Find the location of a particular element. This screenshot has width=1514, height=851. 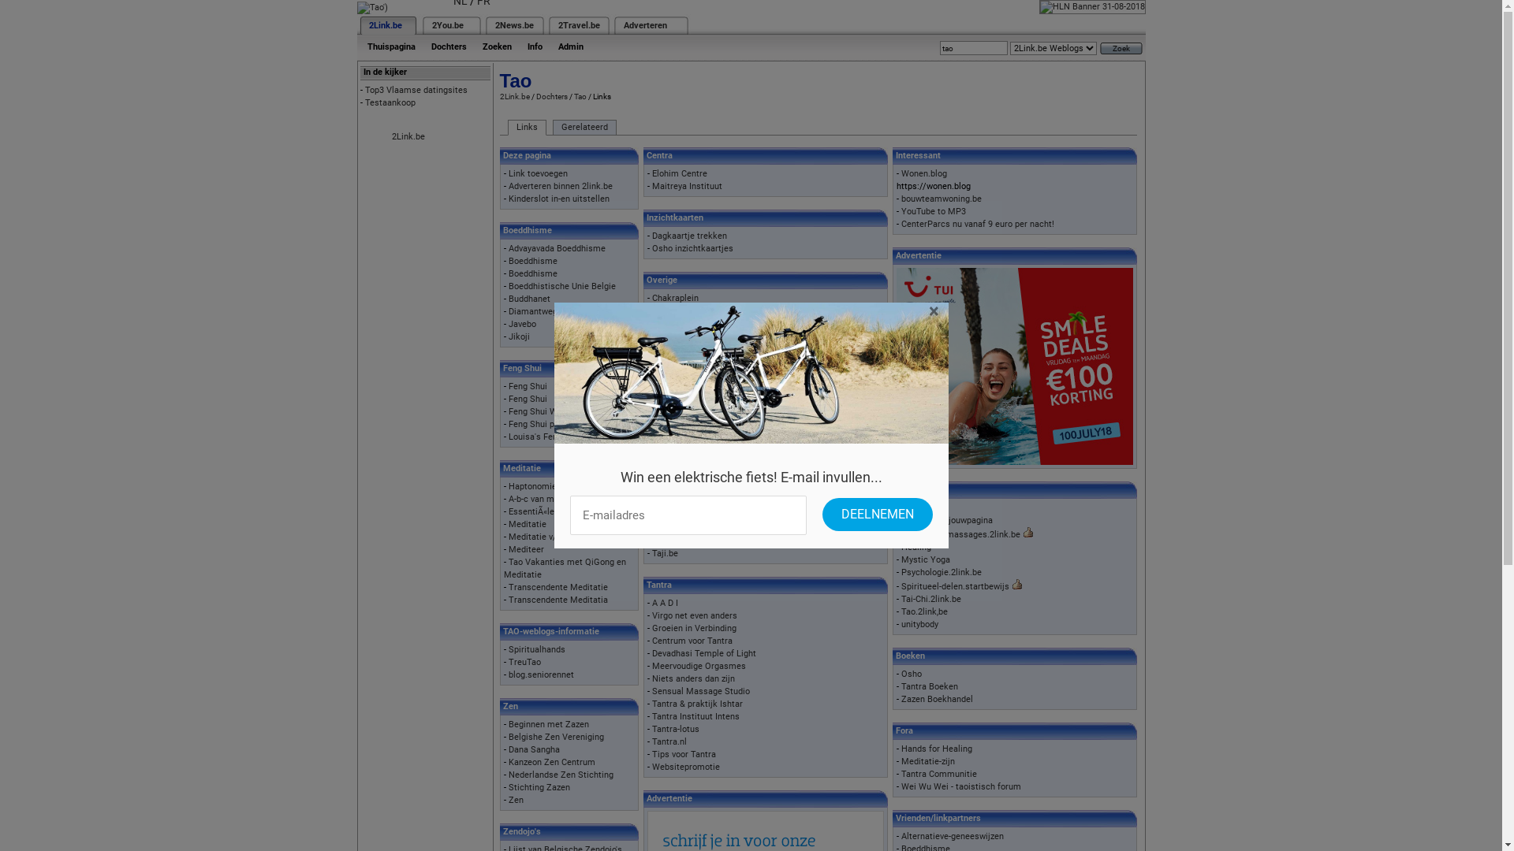

'Osho' is located at coordinates (911, 674).